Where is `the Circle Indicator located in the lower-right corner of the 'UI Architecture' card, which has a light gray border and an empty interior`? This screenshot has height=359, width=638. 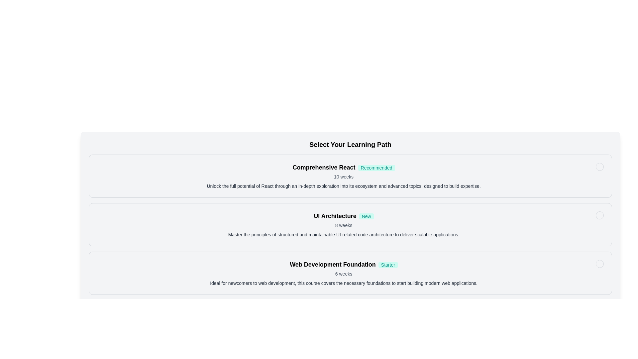 the Circle Indicator located in the lower-right corner of the 'UI Architecture' card, which has a light gray border and an empty interior is located at coordinates (599, 215).